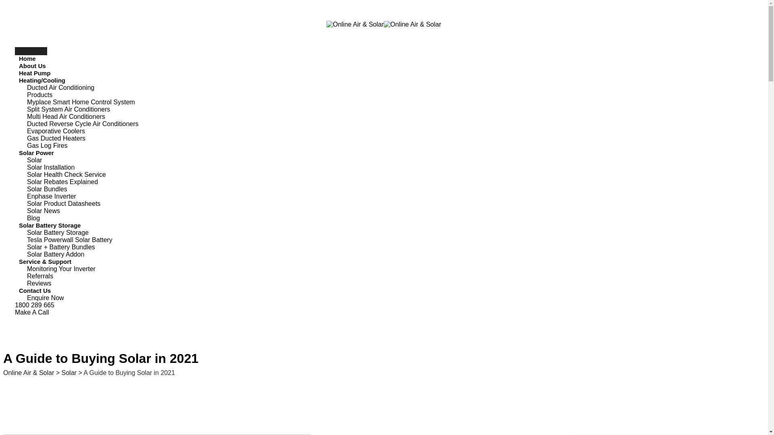  I want to click on 'Heat Pump', so click(34, 73).